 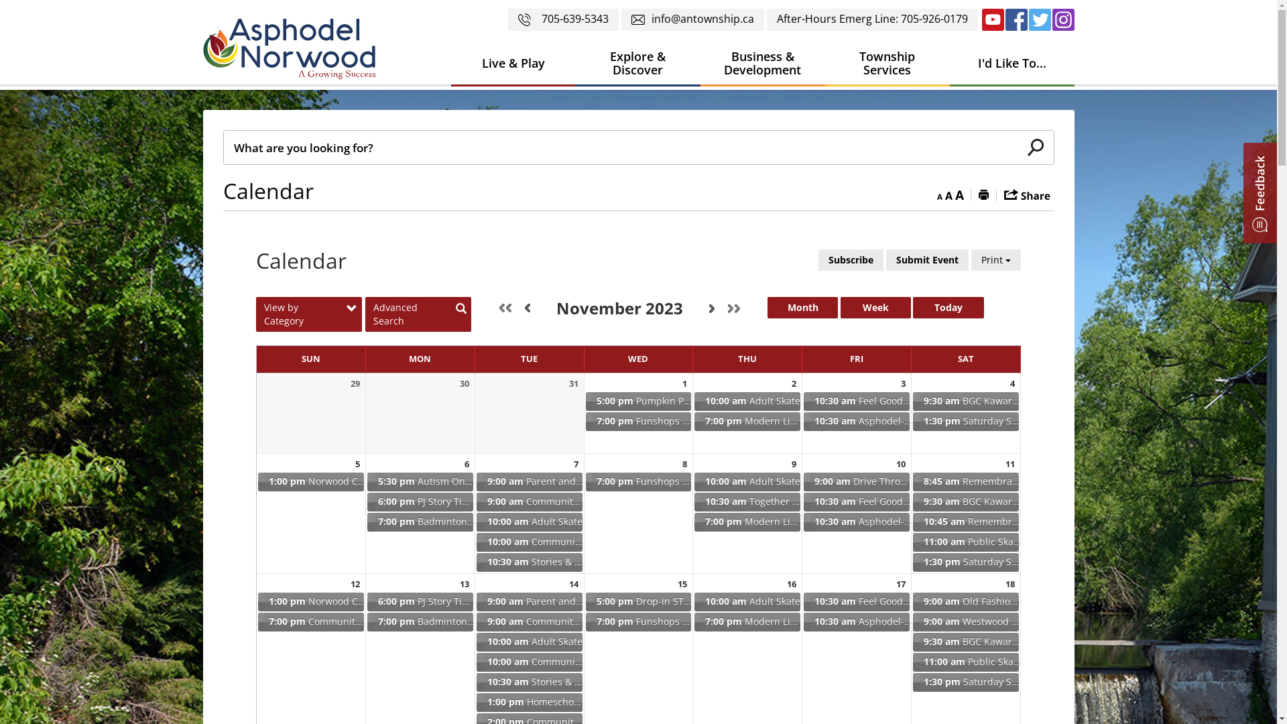 What do you see at coordinates (257, 622) in the screenshot?
I see `'7:00 pm Community Choir Practice'` at bounding box center [257, 622].